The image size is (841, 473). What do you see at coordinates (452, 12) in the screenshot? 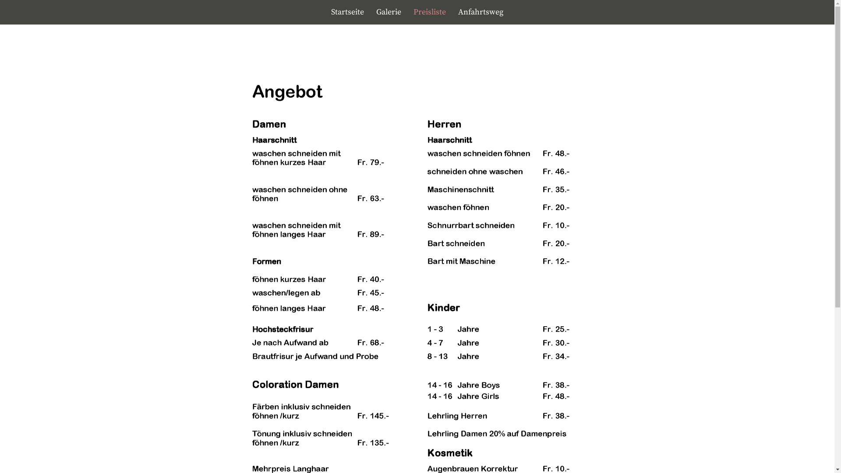
I see `'Anfahrtsweg'` at bounding box center [452, 12].